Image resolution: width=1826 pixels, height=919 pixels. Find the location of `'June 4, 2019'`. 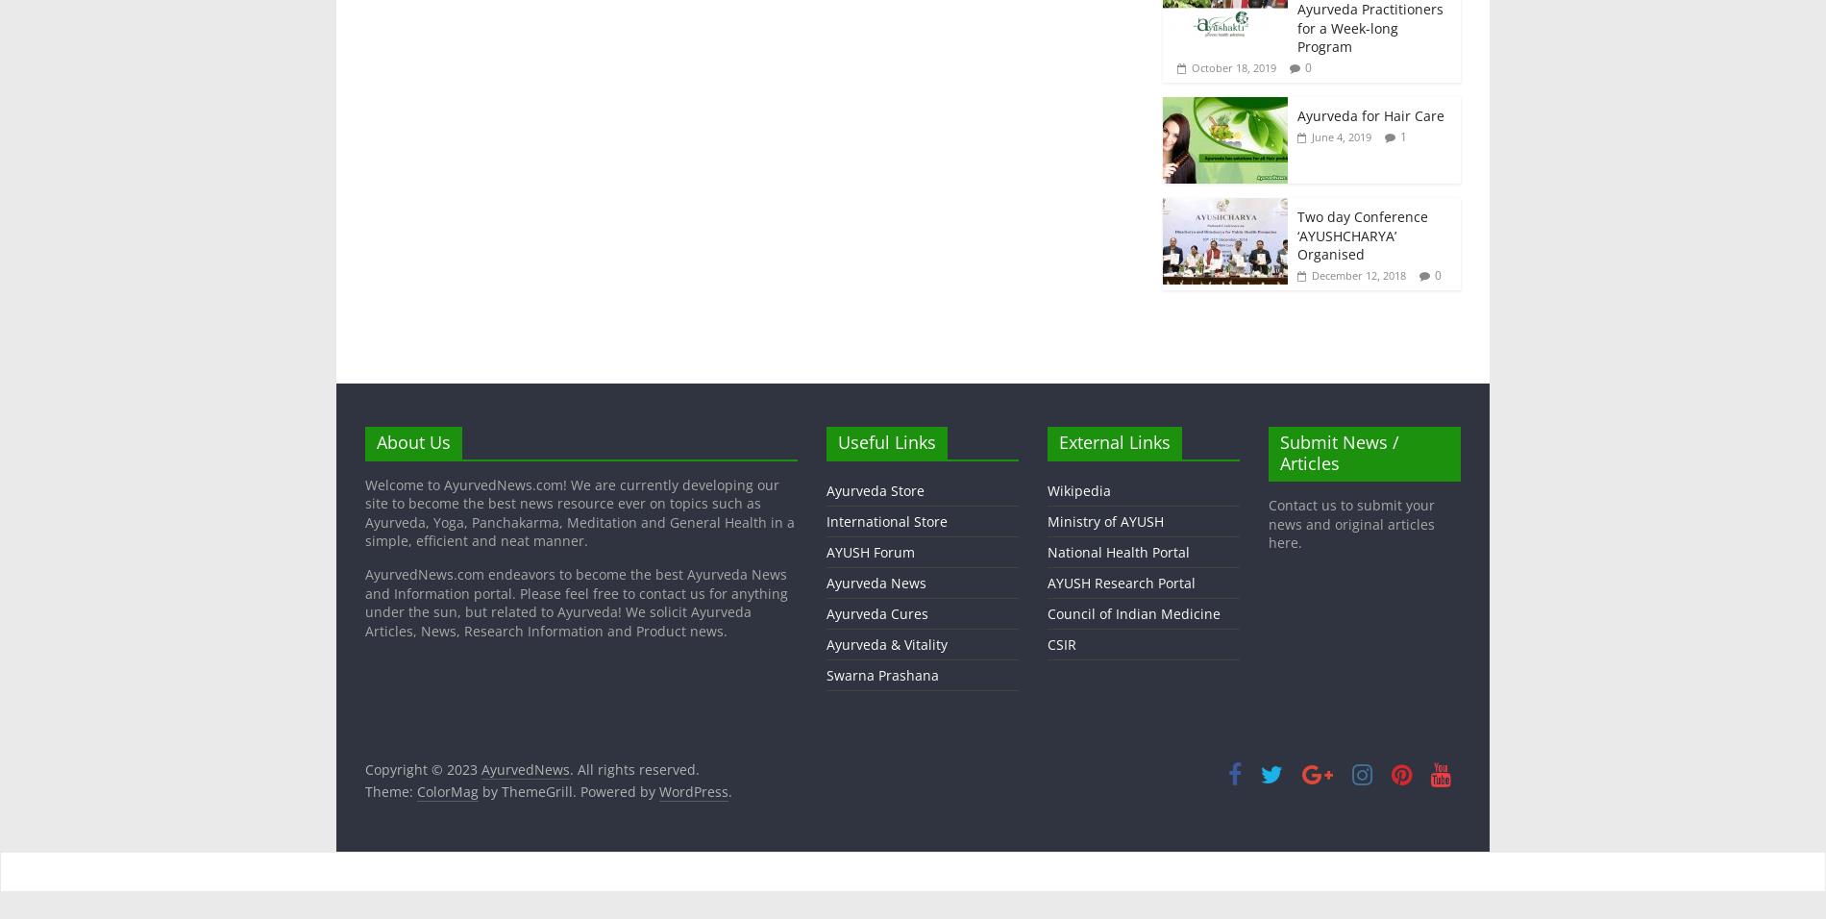

'June 4, 2019' is located at coordinates (1340, 136).